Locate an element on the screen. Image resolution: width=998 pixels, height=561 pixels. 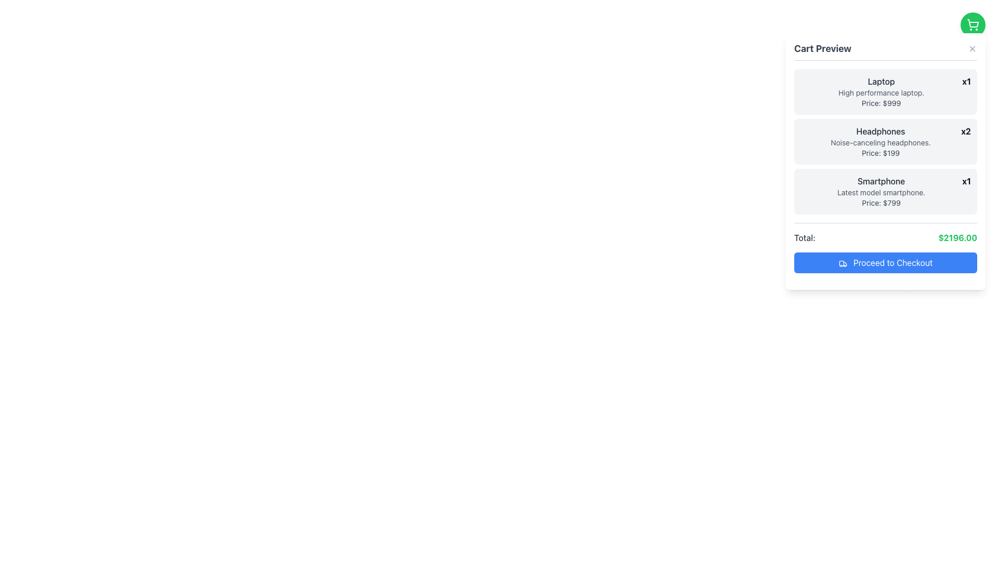
the informational card displaying the text 'Smartphone' with a gray background and rounded corners in the 'Cart Preview' panel is located at coordinates (885, 192).